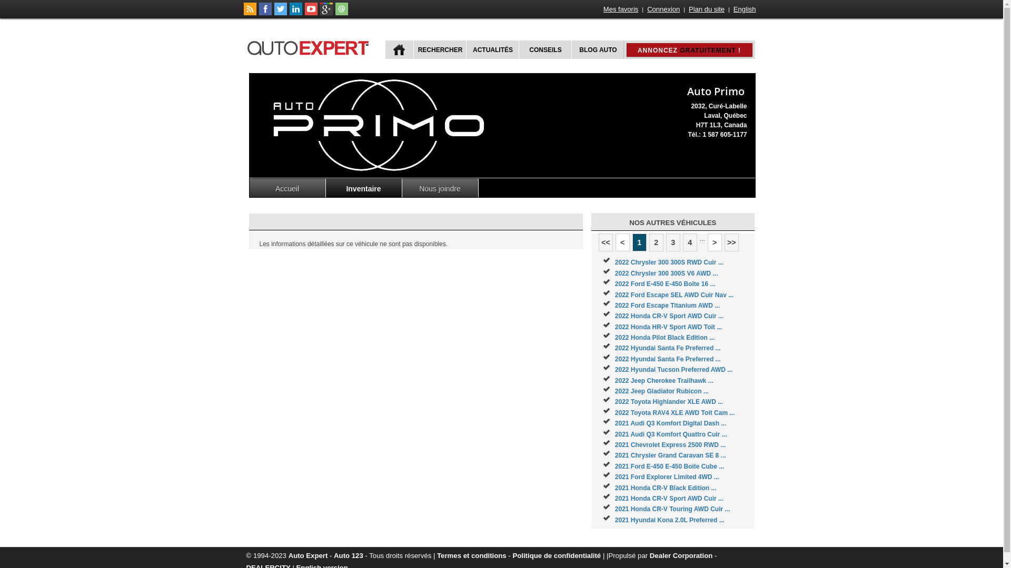  I want to click on 'Suivez autoExpert.ca sur Youtube', so click(310, 13).